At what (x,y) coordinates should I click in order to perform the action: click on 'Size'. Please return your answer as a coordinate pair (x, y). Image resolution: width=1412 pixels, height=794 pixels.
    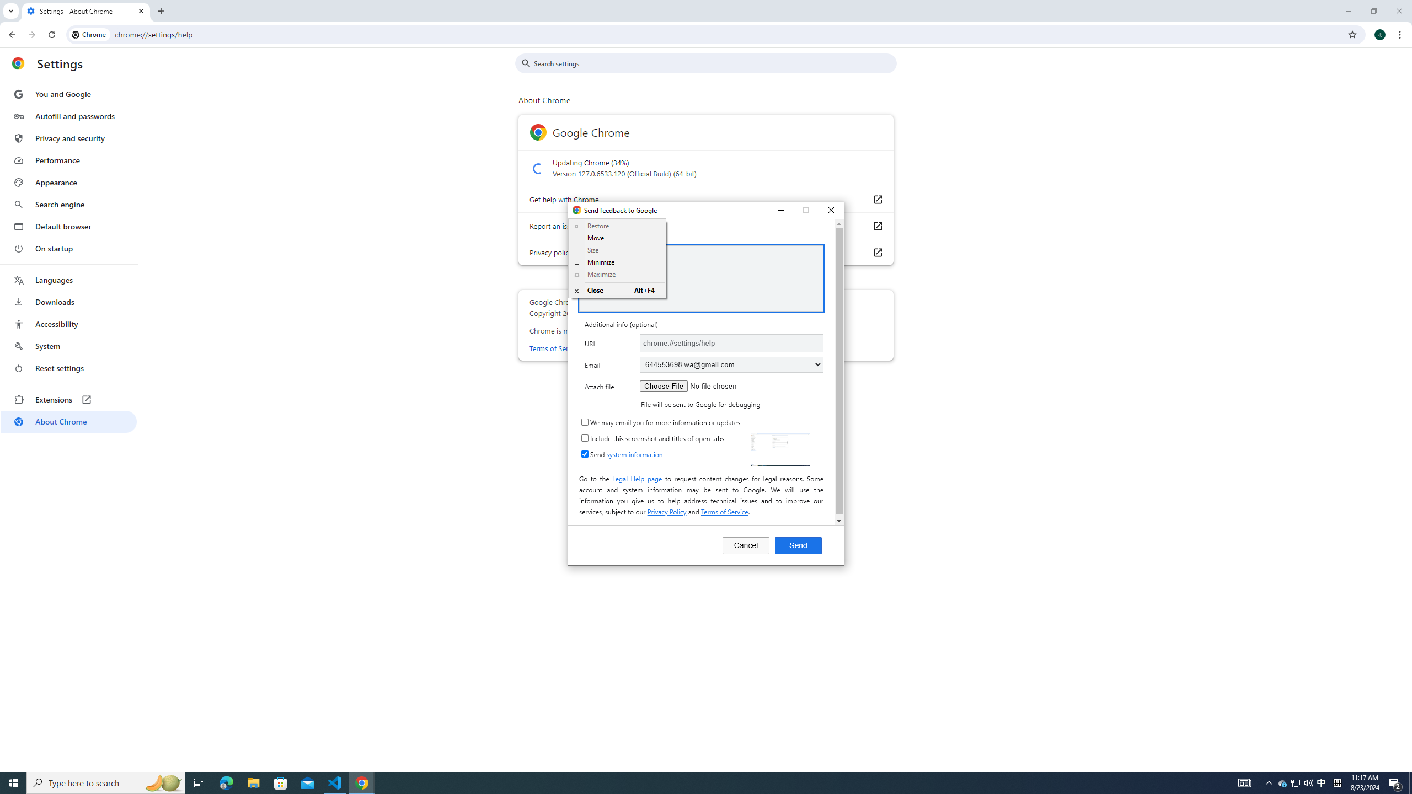
    Looking at the image, I should click on (618, 250).